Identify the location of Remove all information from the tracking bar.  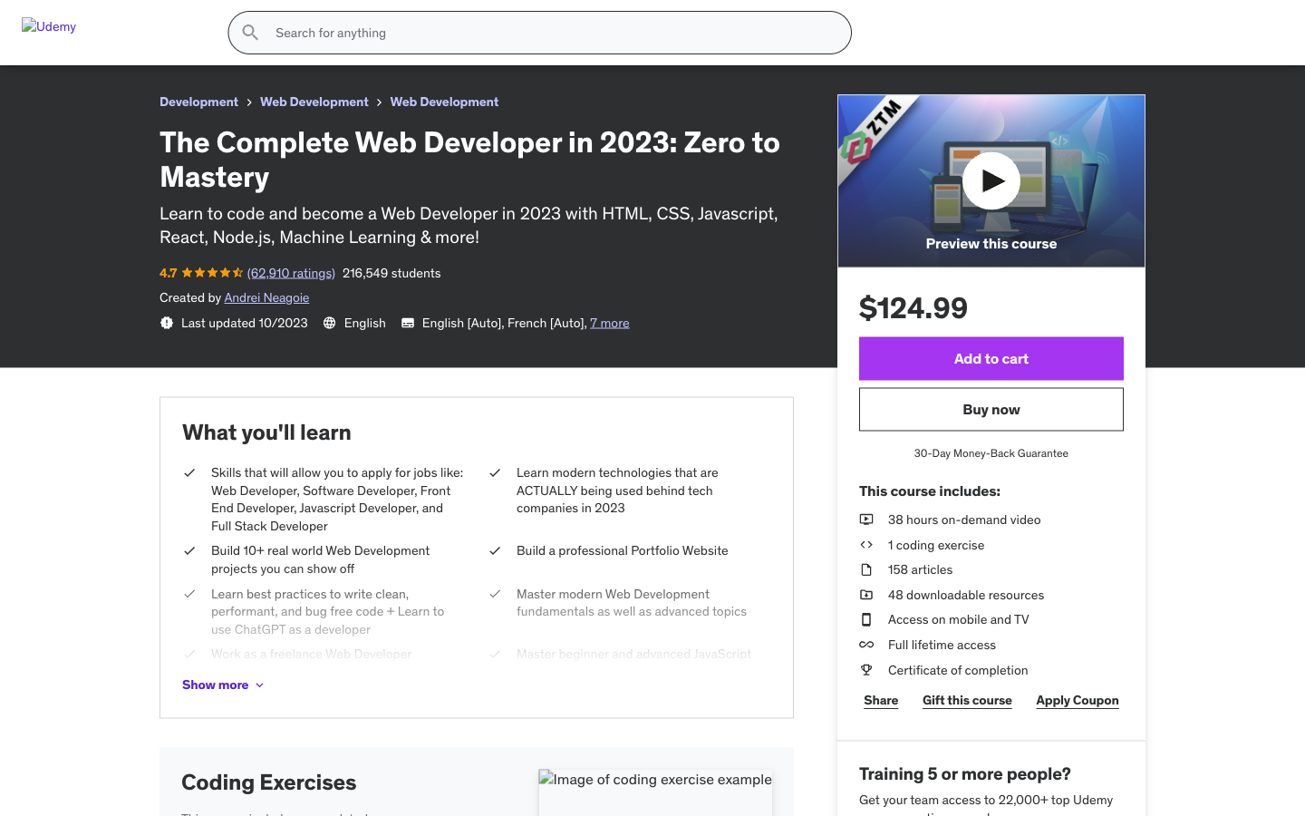
(534, 315).